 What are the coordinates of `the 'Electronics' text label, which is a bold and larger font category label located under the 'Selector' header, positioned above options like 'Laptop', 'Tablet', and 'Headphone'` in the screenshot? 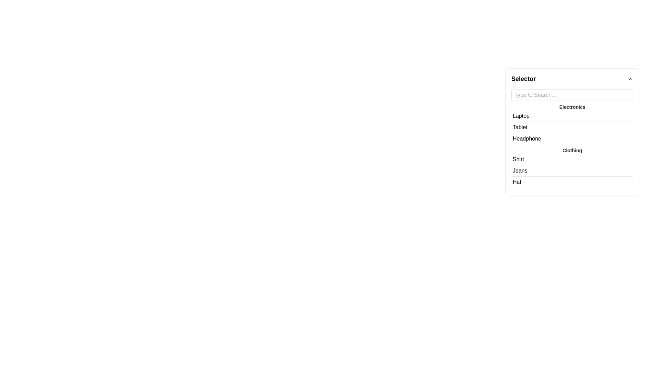 It's located at (572, 107).